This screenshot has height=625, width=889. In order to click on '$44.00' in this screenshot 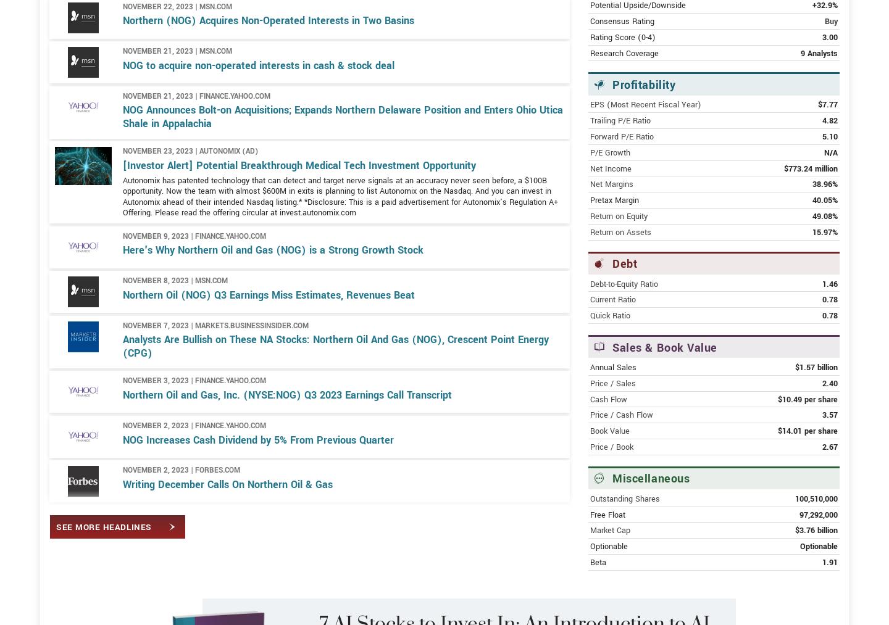, I will do `click(813, 33)`.